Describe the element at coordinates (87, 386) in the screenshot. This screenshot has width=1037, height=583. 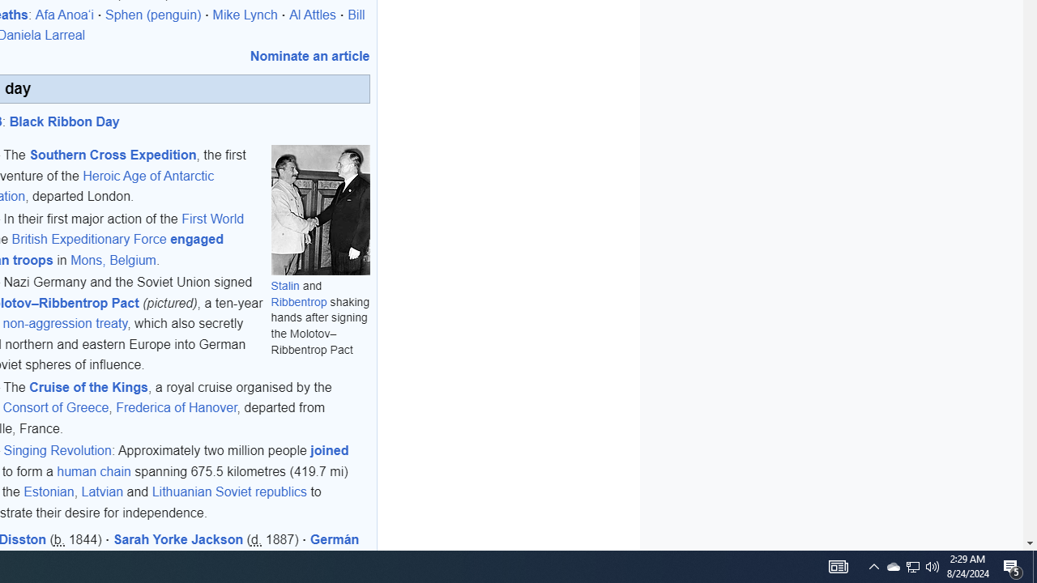
I see `'Cruise of the Kings'` at that location.